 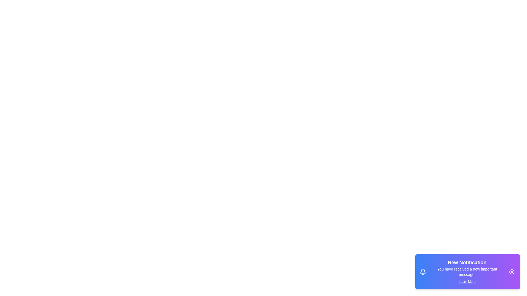 I want to click on the notification icon to observe its visual cues, so click(x=422, y=272).